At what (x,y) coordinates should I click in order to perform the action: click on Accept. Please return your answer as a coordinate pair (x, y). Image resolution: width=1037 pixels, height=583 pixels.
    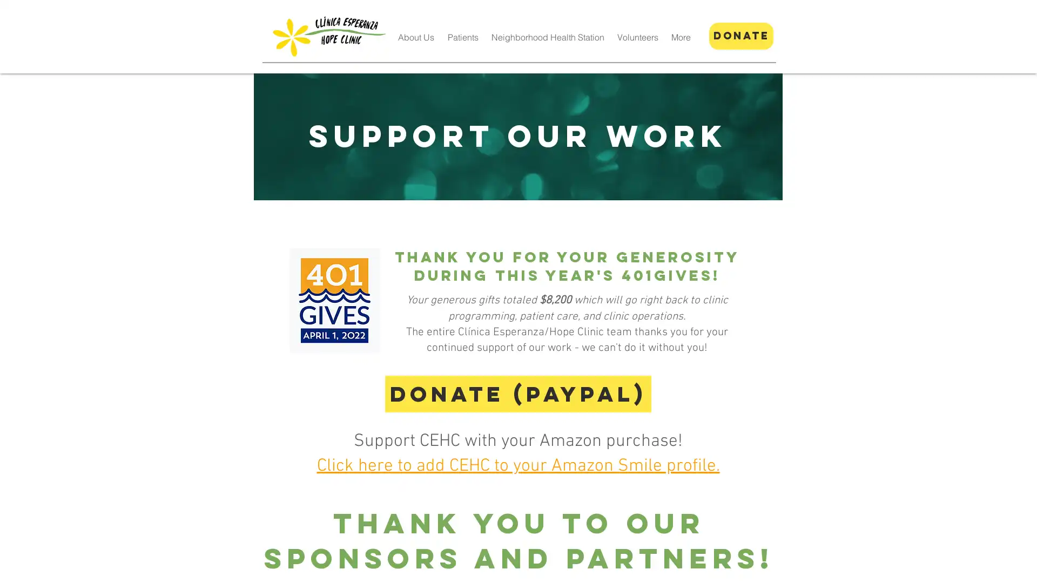
    Looking at the image, I should click on (988, 565).